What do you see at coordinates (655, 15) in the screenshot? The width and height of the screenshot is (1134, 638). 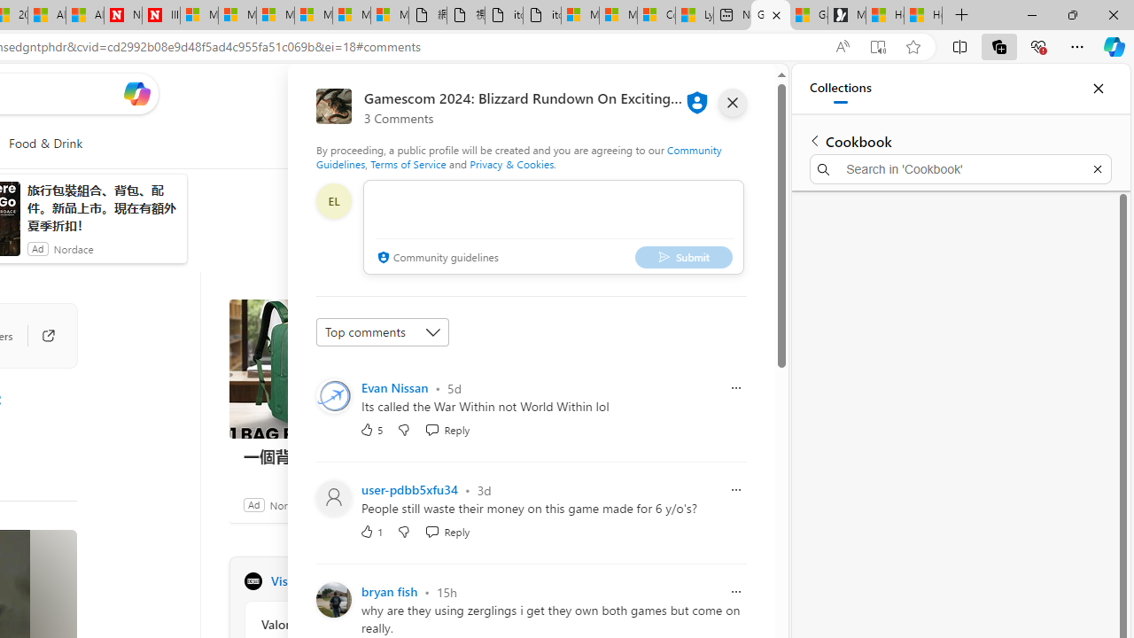 I see `'Consumer Health Data Privacy Policy'` at bounding box center [655, 15].